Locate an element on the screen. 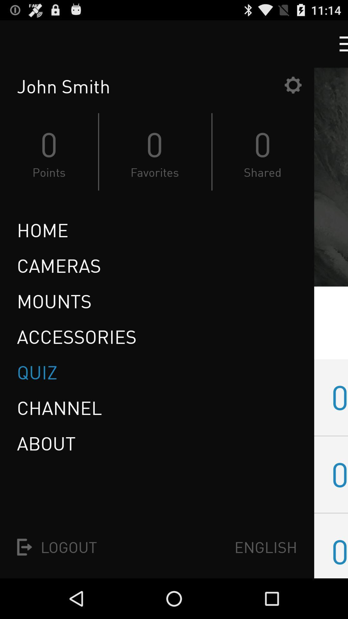 The image size is (348, 619). quiz  icon is located at coordinates (39, 372).